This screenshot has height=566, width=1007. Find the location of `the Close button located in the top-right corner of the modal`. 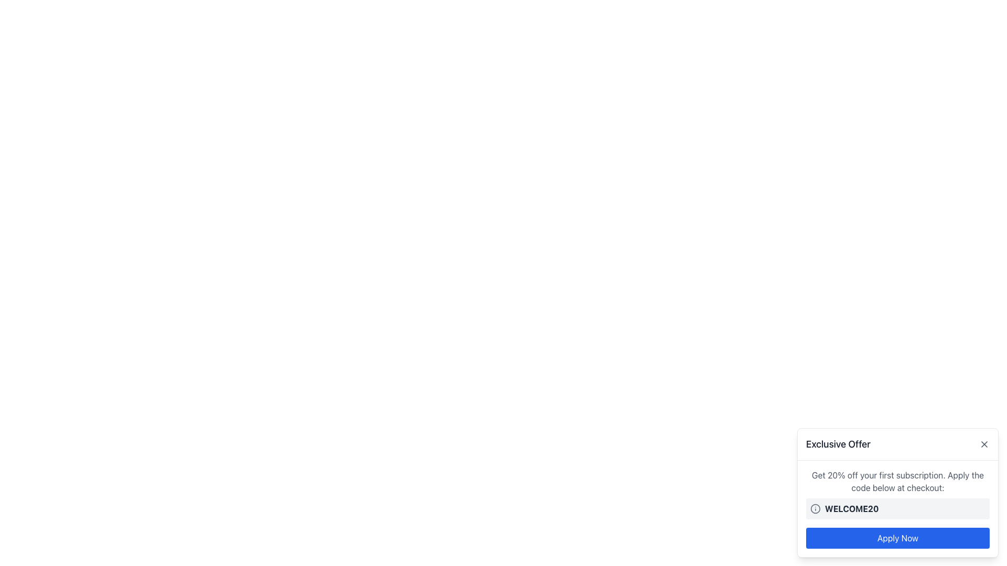

the Close button located in the top-right corner of the modal is located at coordinates (983, 444).